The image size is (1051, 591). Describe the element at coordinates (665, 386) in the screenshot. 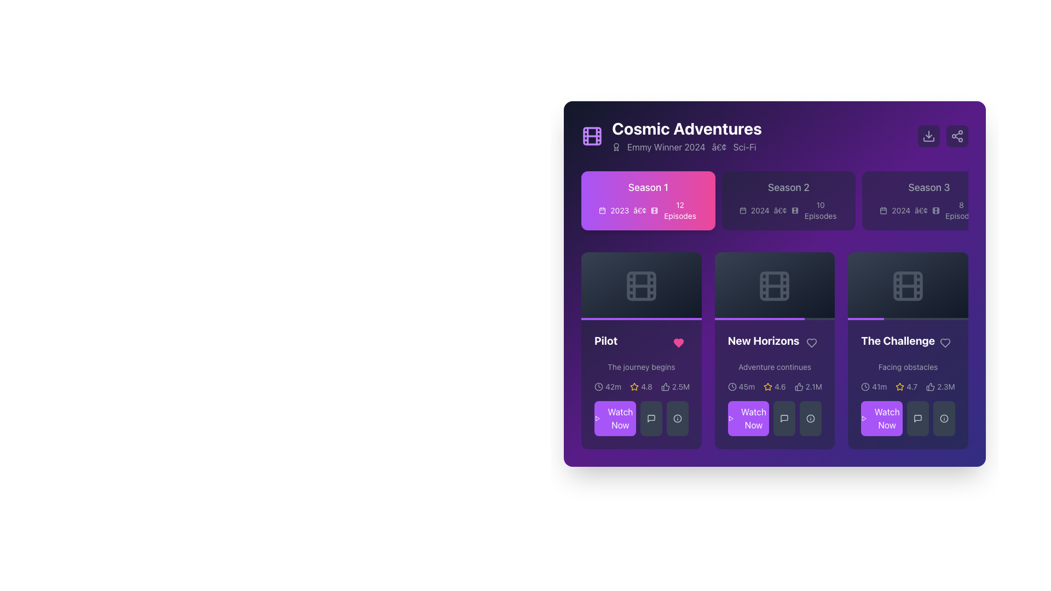

I see `the thumbs-up icon, which is an SVG-based icon indicating a positive action, located to the left of the numeric value '2.5M'` at that location.